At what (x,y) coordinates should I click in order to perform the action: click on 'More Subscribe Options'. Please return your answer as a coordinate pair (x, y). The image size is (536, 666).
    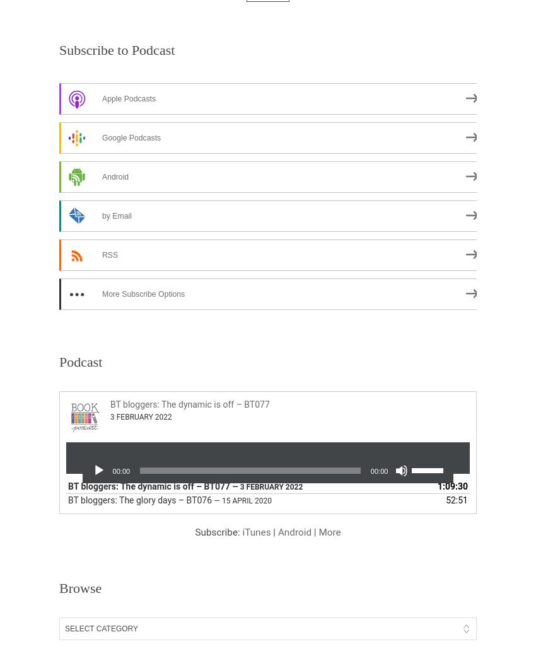
    Looking at the image, I should click on (143, 294).